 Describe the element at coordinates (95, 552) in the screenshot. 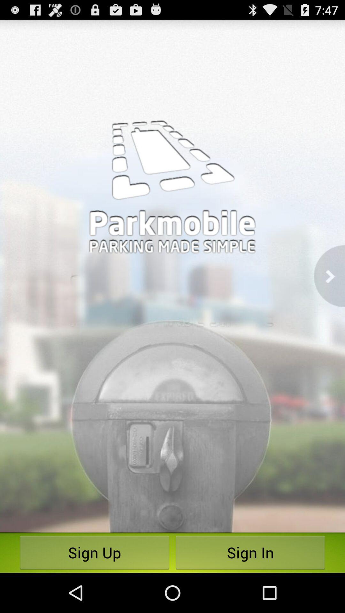

I see `the icon next to the sign in icon` at that location.